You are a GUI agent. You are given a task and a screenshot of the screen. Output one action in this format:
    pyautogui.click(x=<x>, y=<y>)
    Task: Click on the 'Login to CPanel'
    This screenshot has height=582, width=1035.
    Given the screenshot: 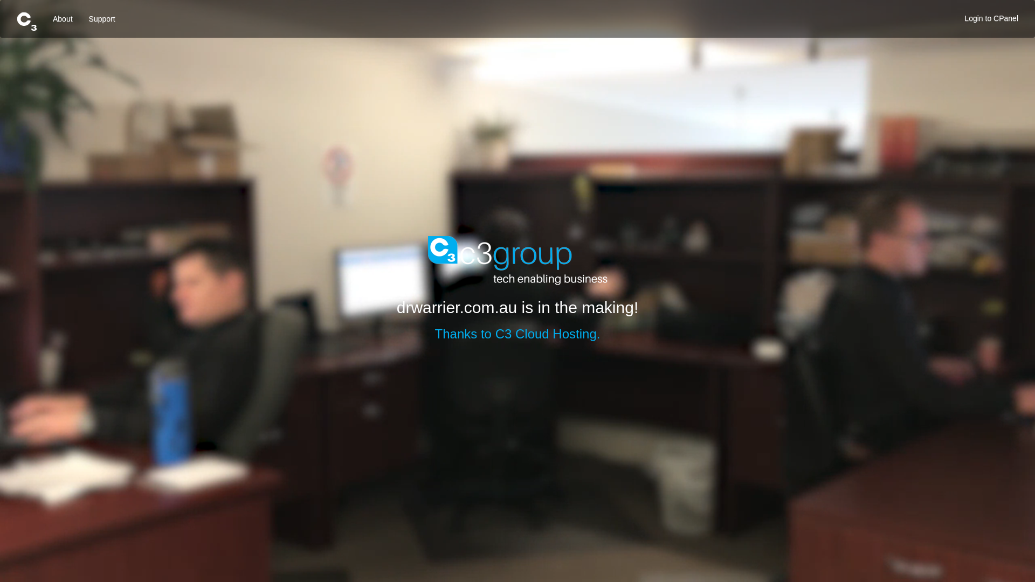 What is the action you would take?
    pyautogui.click(x=991, y=18)
    